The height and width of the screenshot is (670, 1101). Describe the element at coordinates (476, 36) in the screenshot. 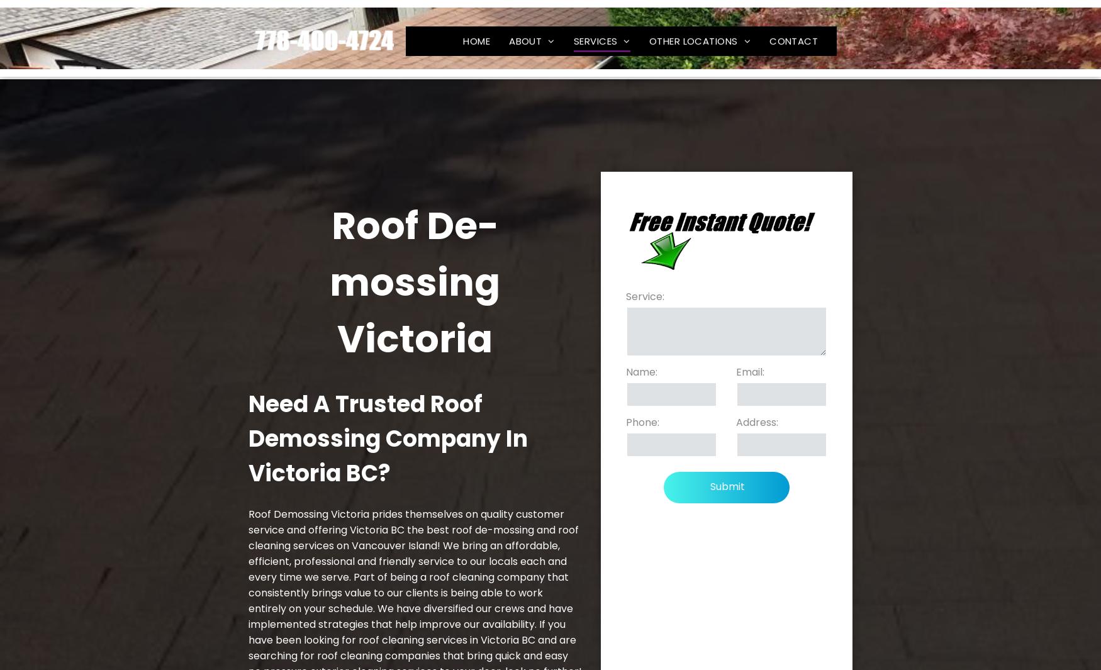

I see `'HOME'` at that location.